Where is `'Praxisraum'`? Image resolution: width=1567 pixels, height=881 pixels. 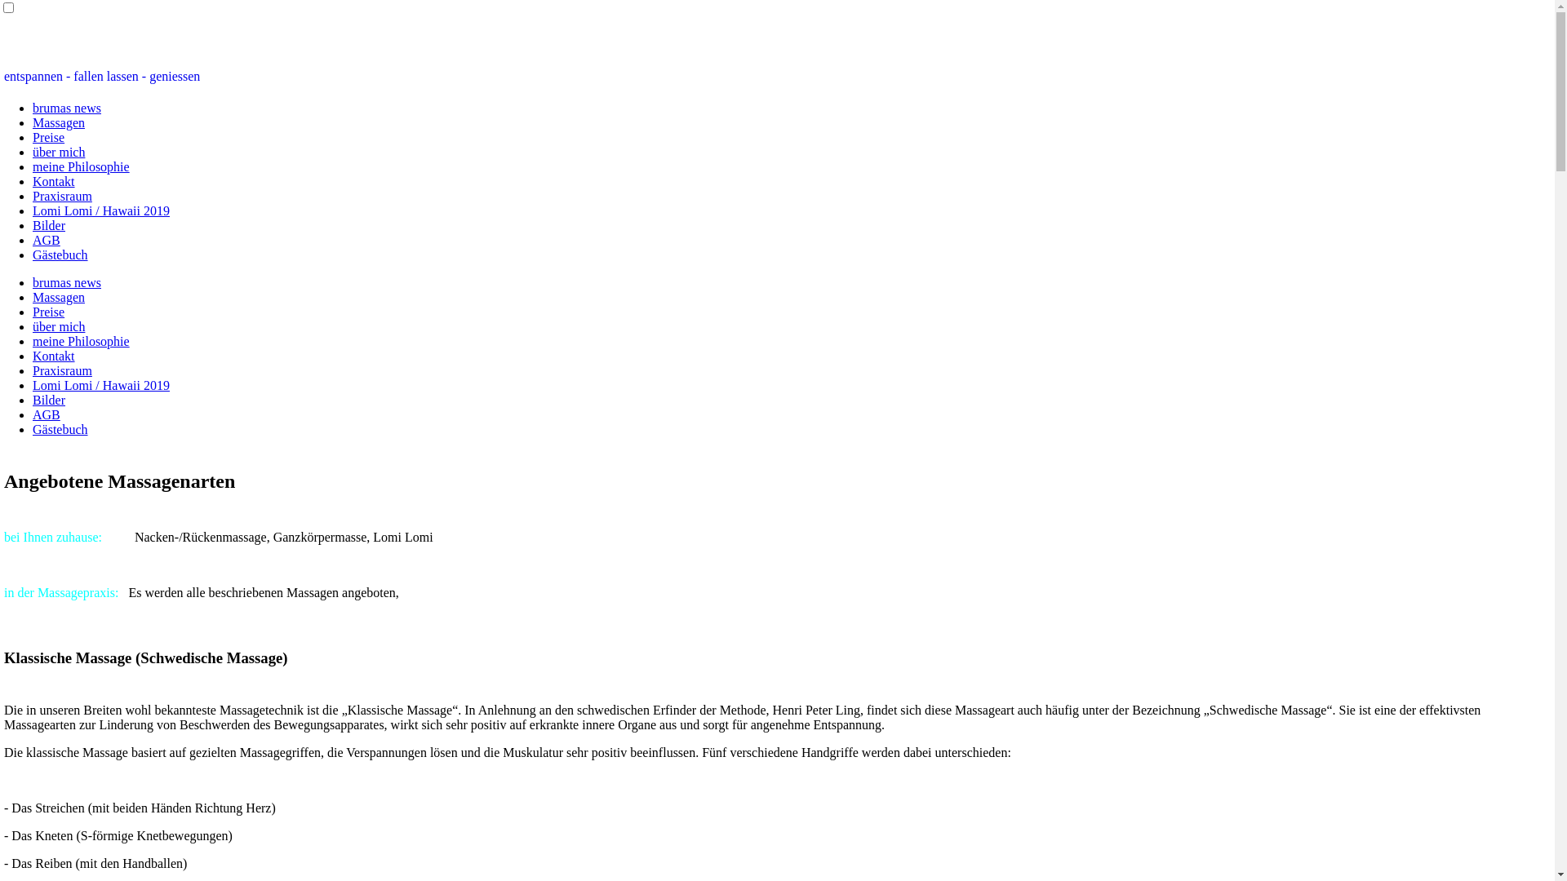
'Praxisraum' is located at coordinates (62, 370).